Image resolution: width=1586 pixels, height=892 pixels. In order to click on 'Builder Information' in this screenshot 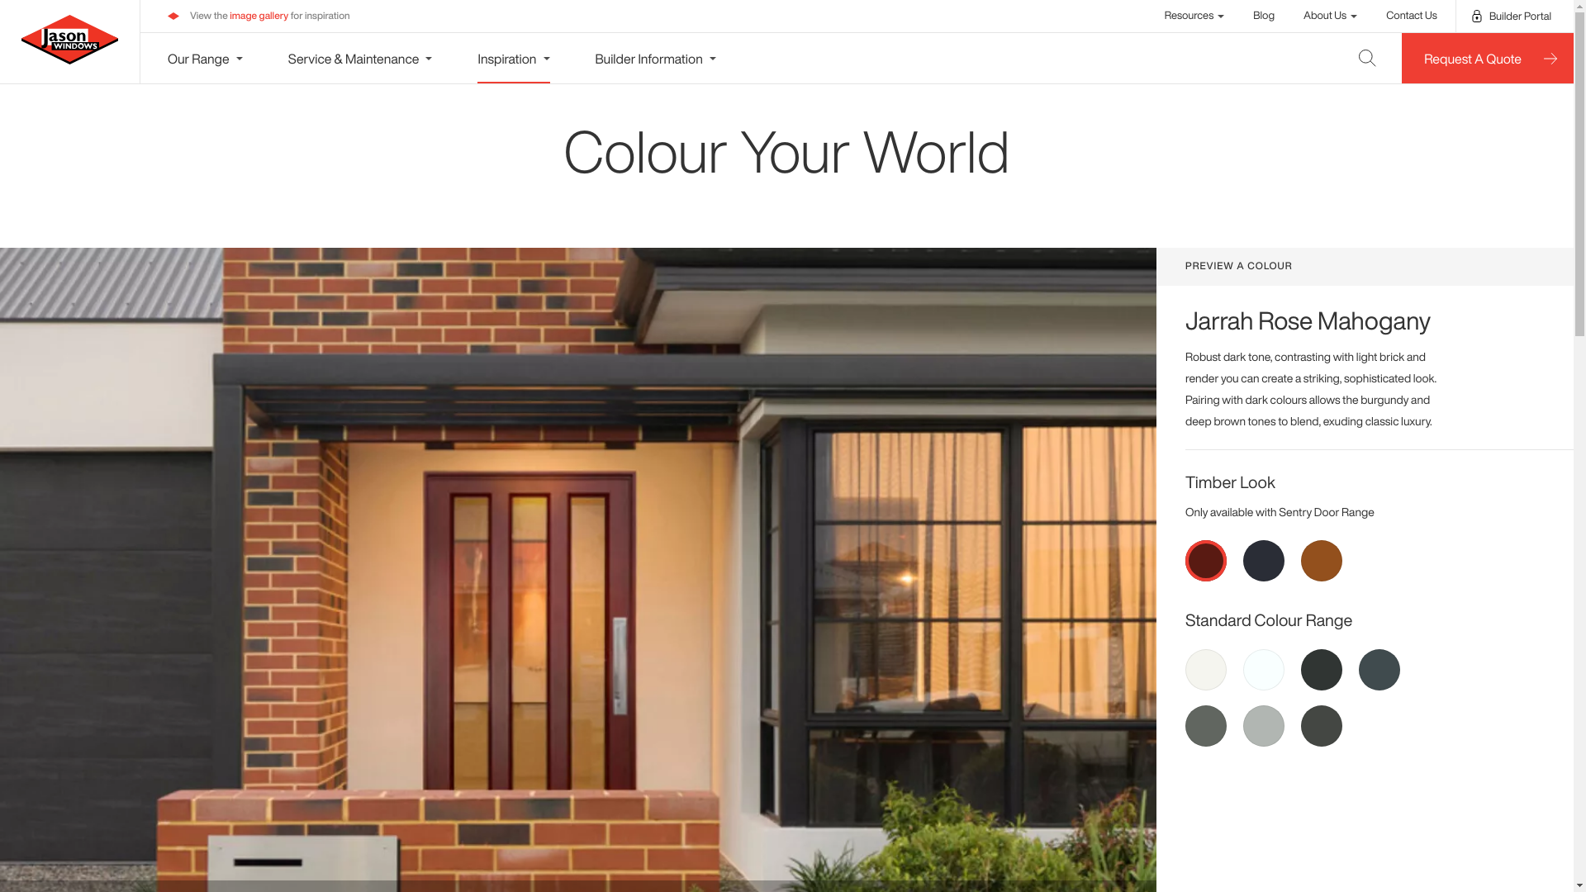, I will do `click(653, 57)`.